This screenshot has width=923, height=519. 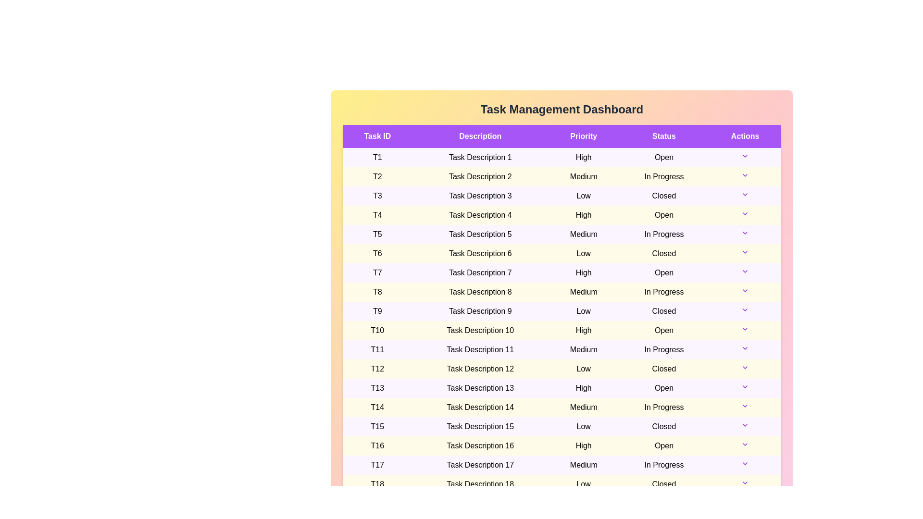 I want to click on the table header Task ID to sort the table by that column, so click(x=377, y=136).